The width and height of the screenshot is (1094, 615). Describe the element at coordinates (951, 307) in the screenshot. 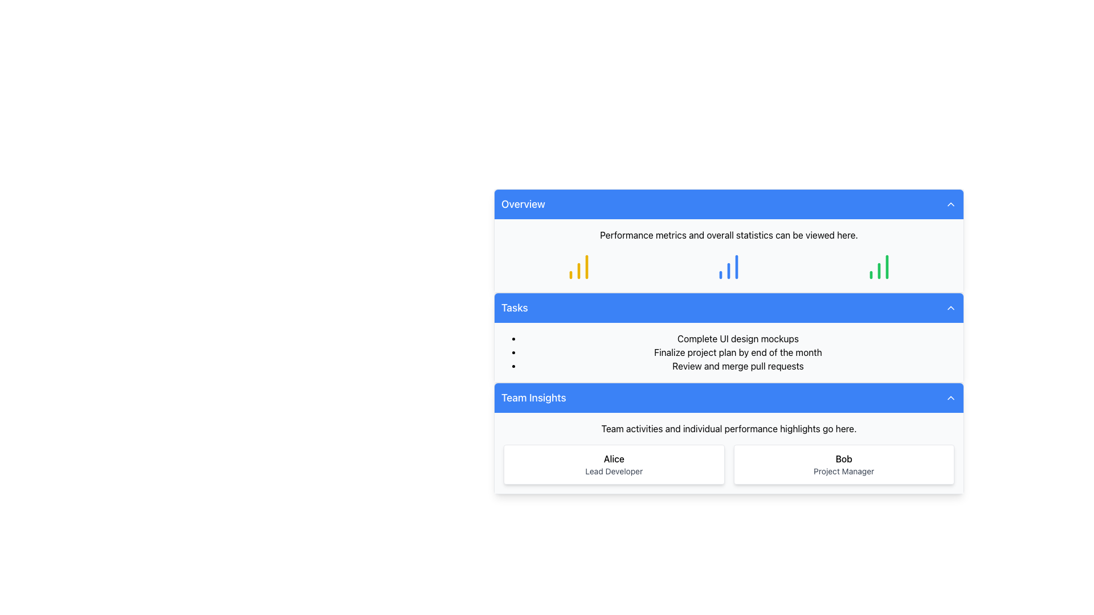

I see `the button located in the top-right corner of the 'Tasks' header` at that location.